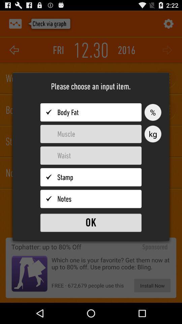 The image size is (182, 324). Describe the element at coordinates (153, 112) in the screenshot. I see `icon above kg item` at that location.